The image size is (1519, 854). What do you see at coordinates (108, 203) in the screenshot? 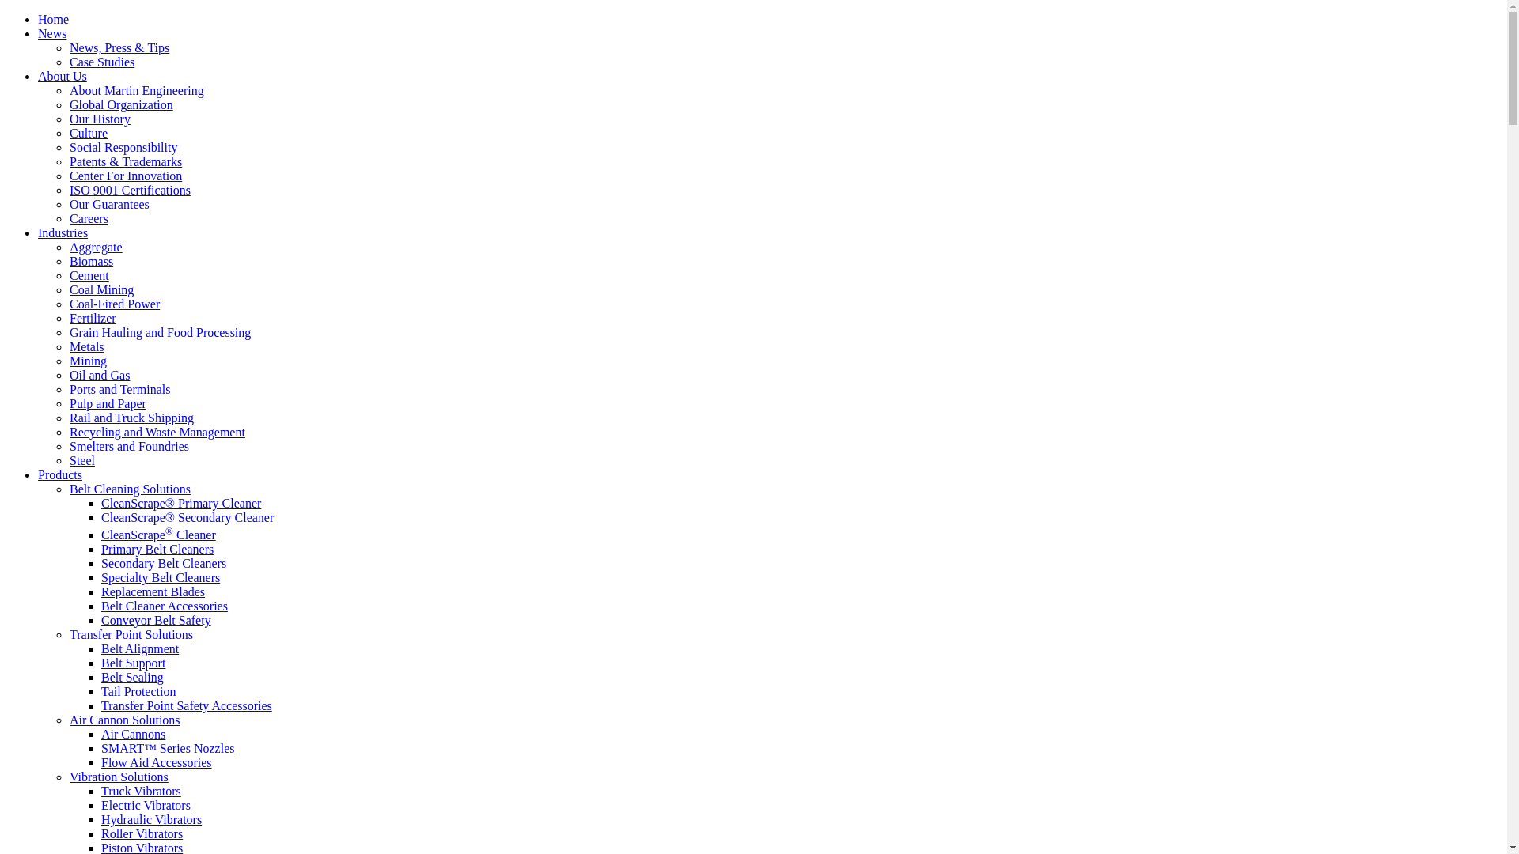
I see `'Our Guarantees'` at bounding box center [108, 203].